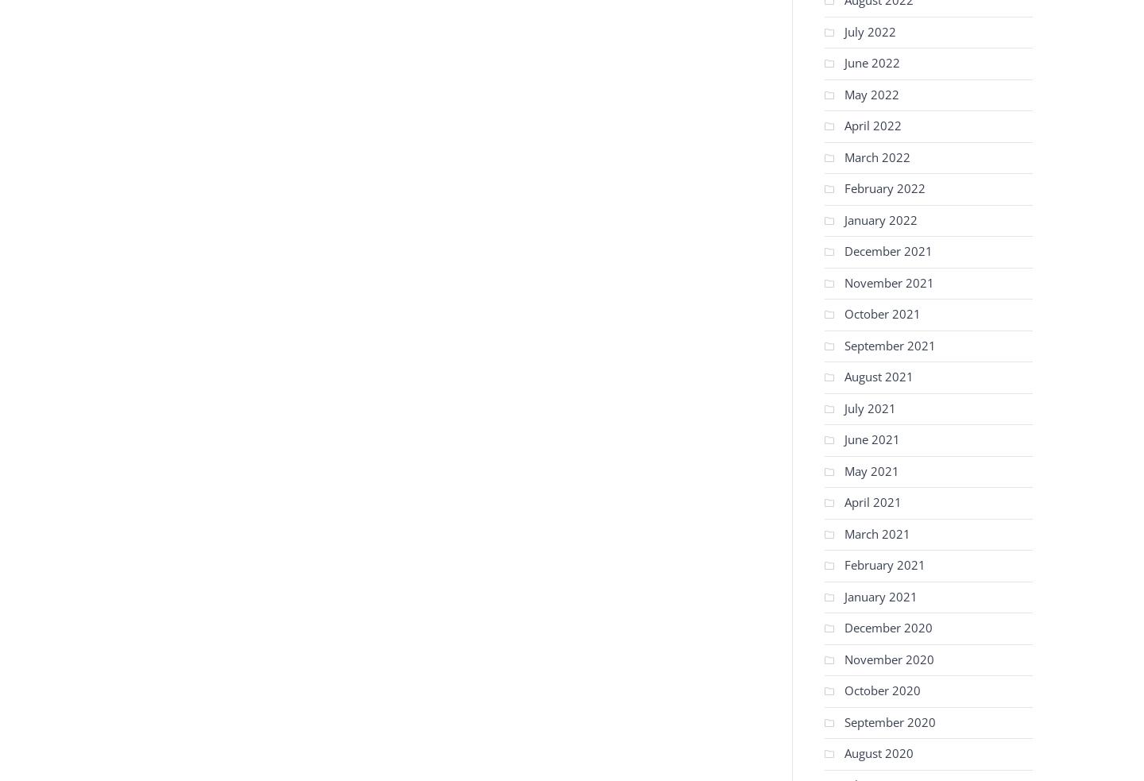 The width and height of the screenshot is (1144, 781). Describe the element at coordinates (872, 439) in the screenshot. I see `'June 2021'` at that location.